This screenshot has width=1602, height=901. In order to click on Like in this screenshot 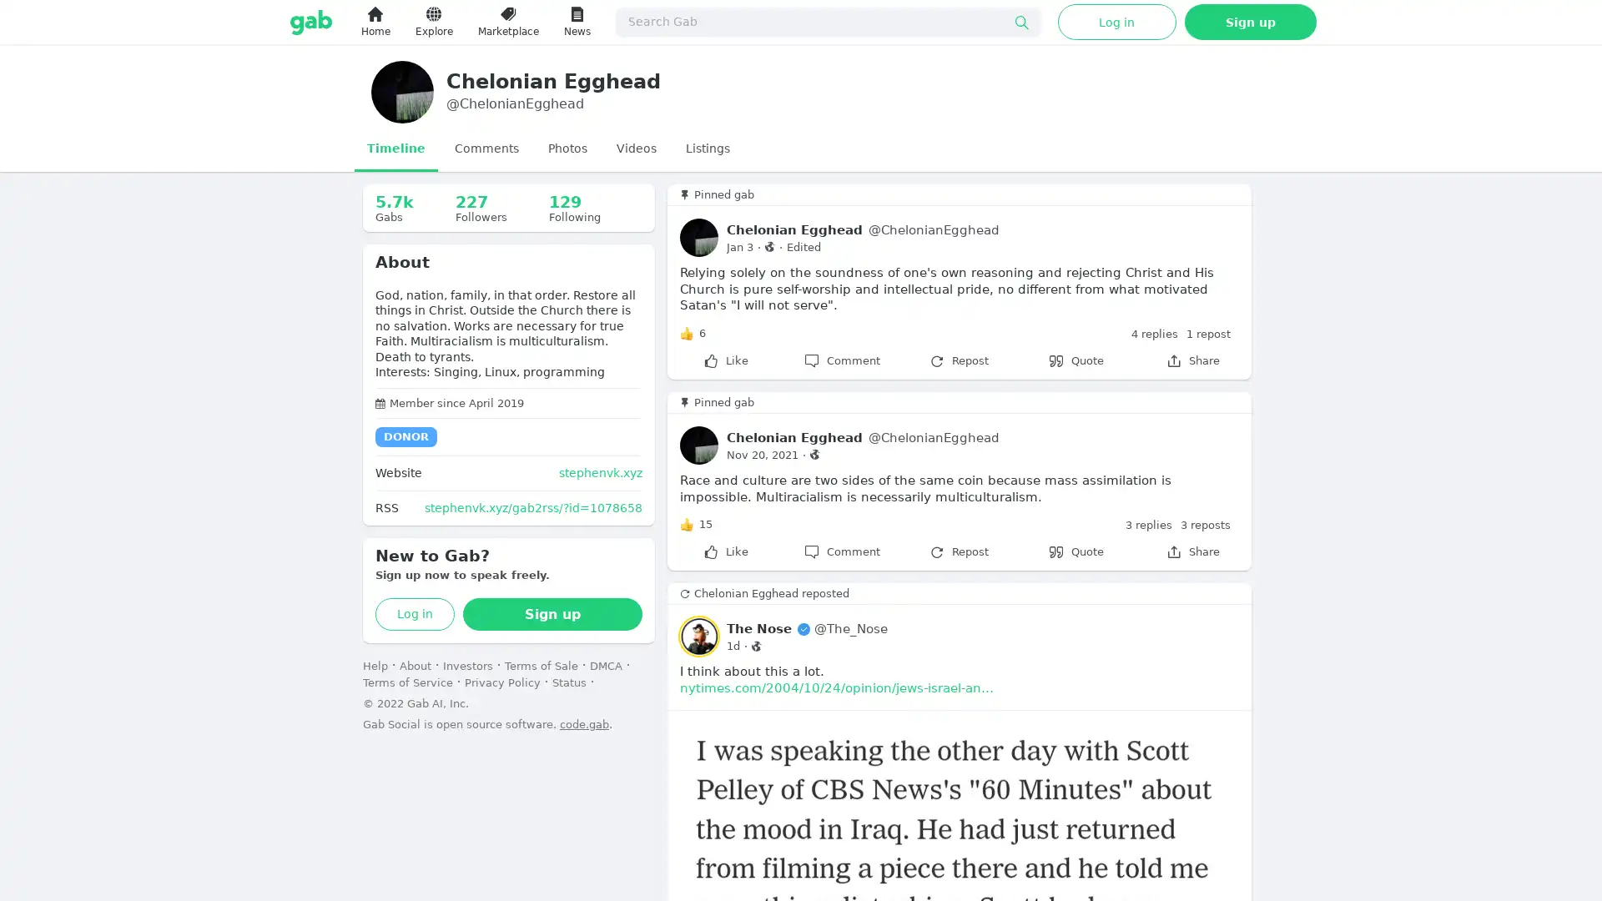, I will do `click(725, 552)`.